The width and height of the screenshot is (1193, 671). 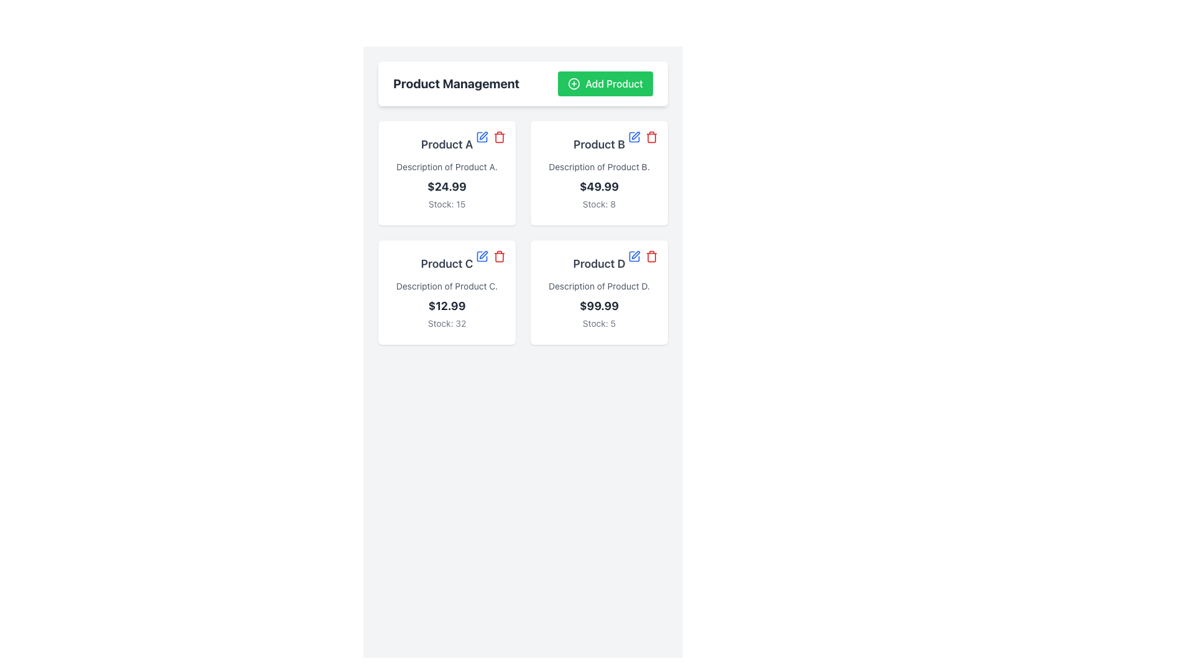 I want to click on the delete button located at the upper-right corner of the card interface for 'Product B', so click(x=643, y=137).